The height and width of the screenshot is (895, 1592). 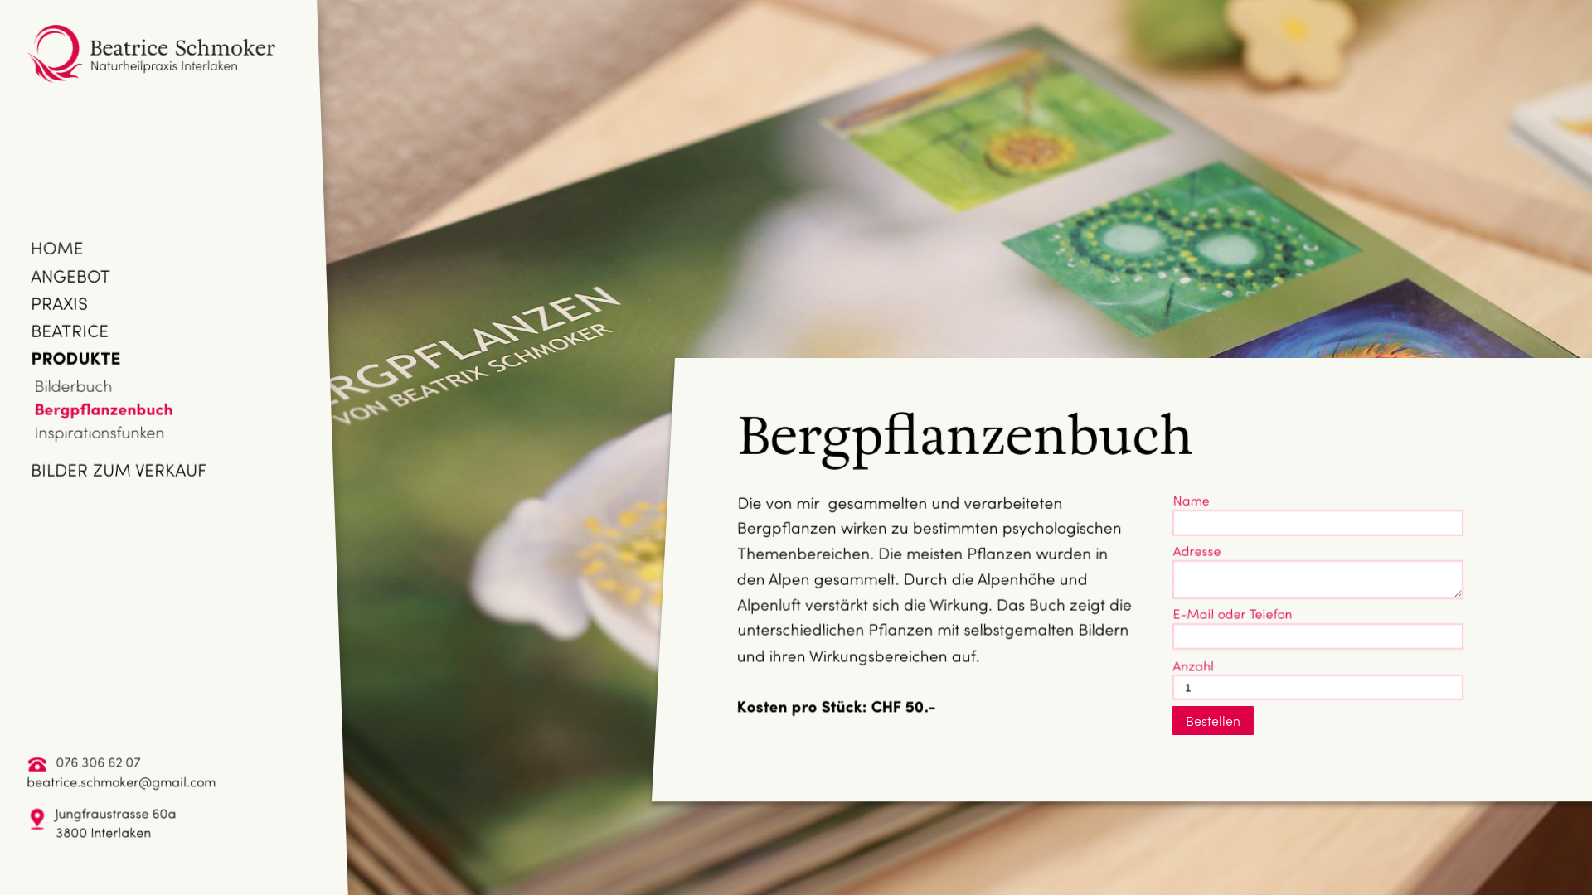 What do you see at coordinates (119, 781) in the screenshot?
I see `'beatrice.schmoker@gmail.com'` at bounding box center [119, 781].